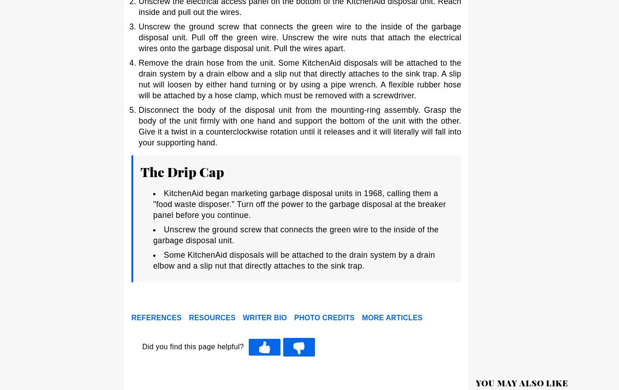 The image size is (619, 390). What do you see at coordinates (295, 235) in the screenshot?
I see `'Unscrew the ground screw that connects the green wire to the inside of the garbage disposal unit.'` at bounding box center [295, 235].